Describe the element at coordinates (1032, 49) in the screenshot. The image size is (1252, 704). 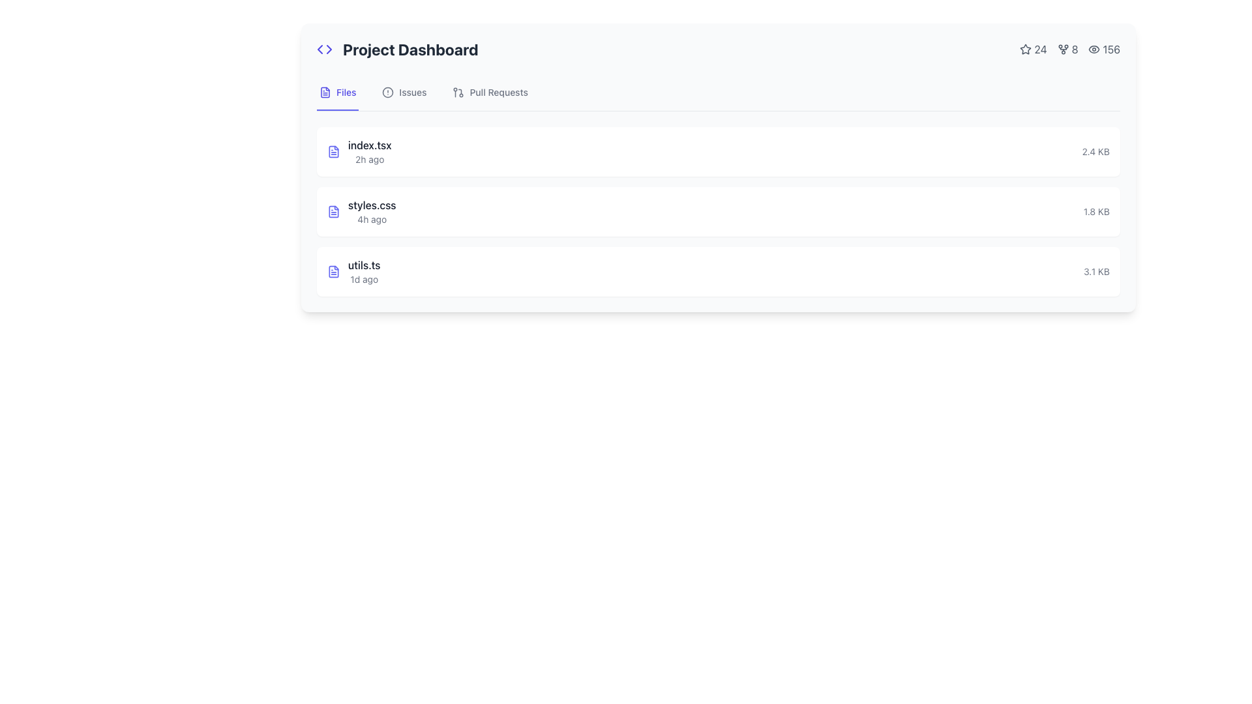
I see `the Text label representing a count next to the star icon in the upper-right corner of the interface` at that location.